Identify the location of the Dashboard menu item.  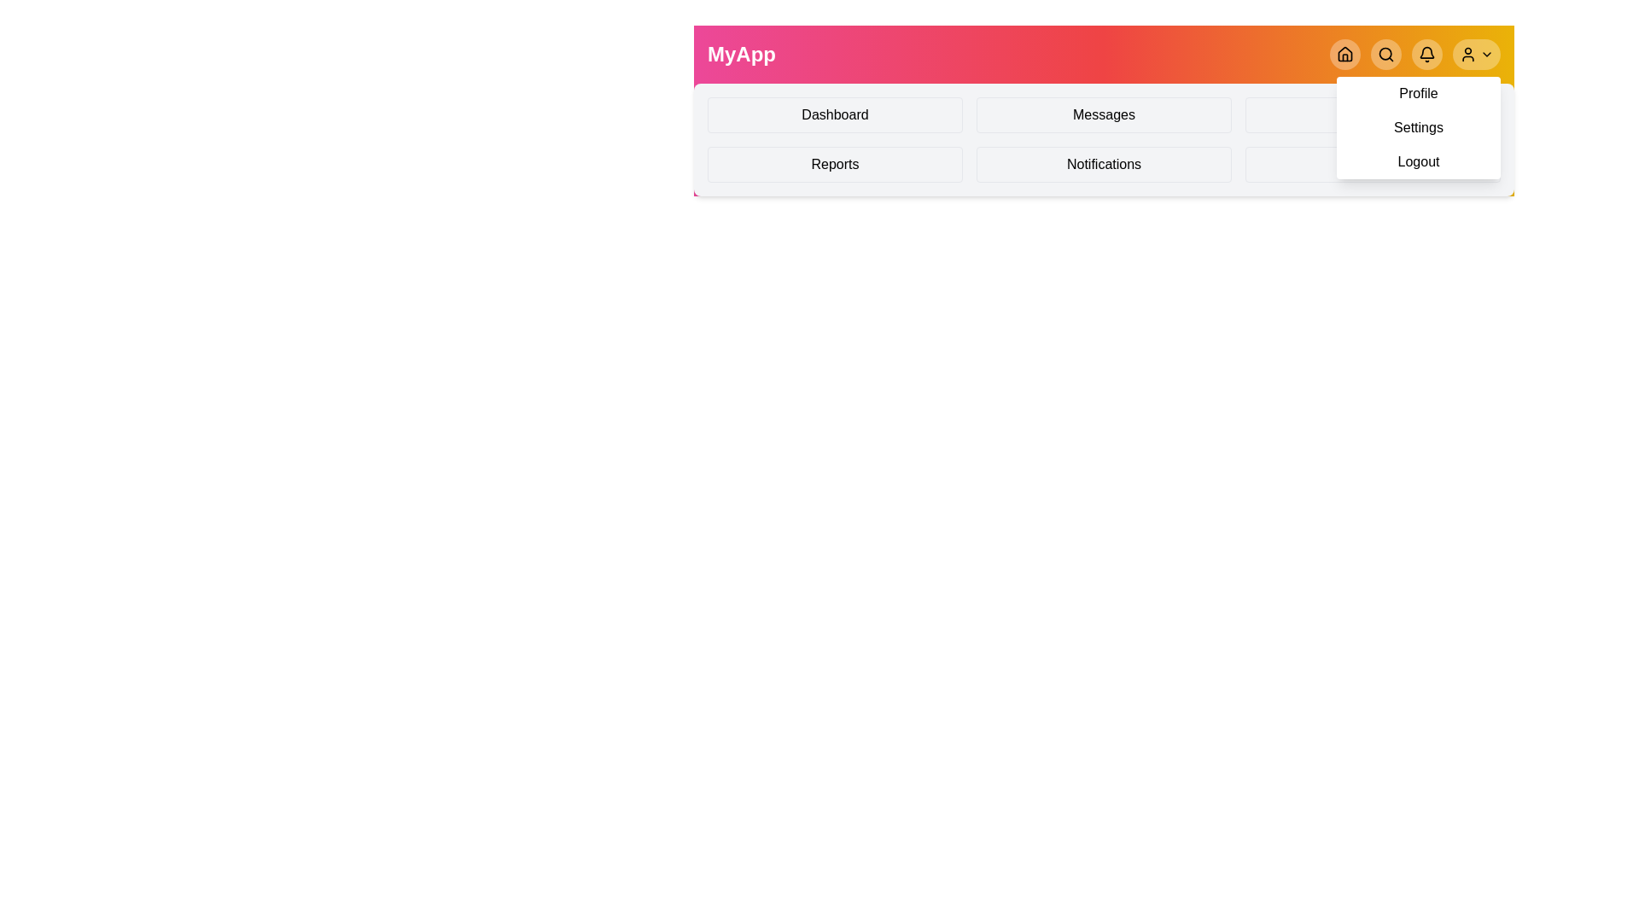
(835, 115).